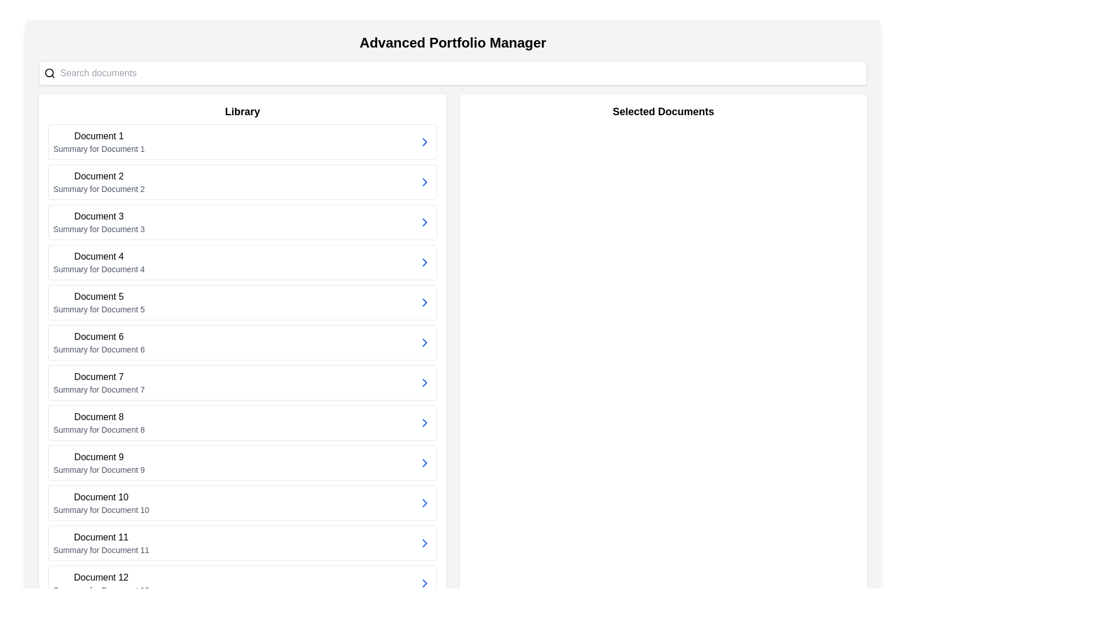 The height and width of the screenshot is (619, 1101). Describe the element at coordinates (424, 342) in the screenshot. I see `the right-pointing chevron icon within the SVG graphic in the 'Library' section next to 'Document 6'` at that location.